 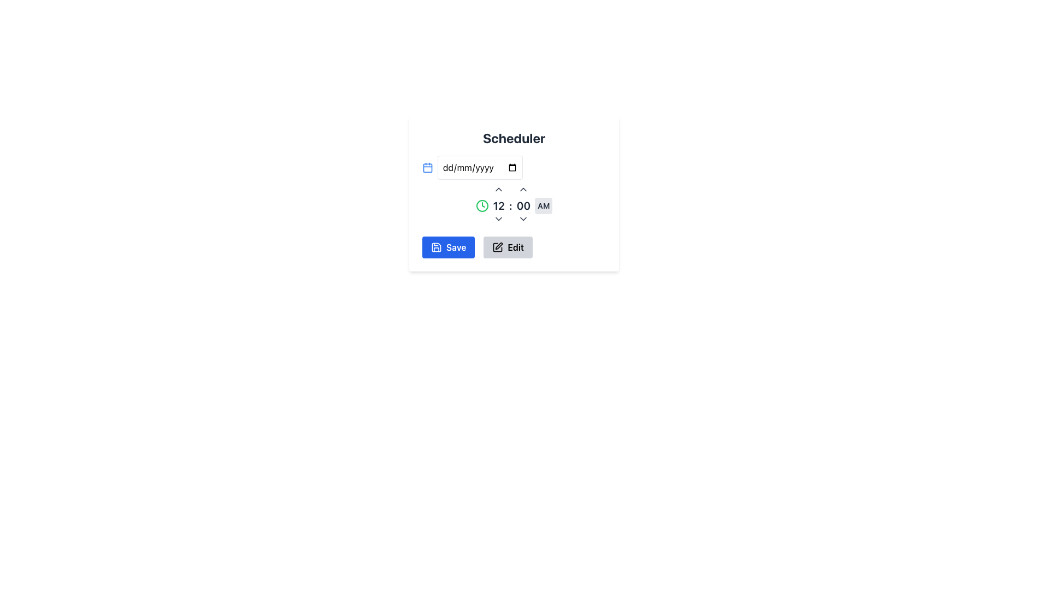 What do you see at coordinates (513, 138) in the screenshot?
I see `the text label at the top center of the card, which serves as the title indicating the primary purpose of the content below` at bounding box center [513, 138].